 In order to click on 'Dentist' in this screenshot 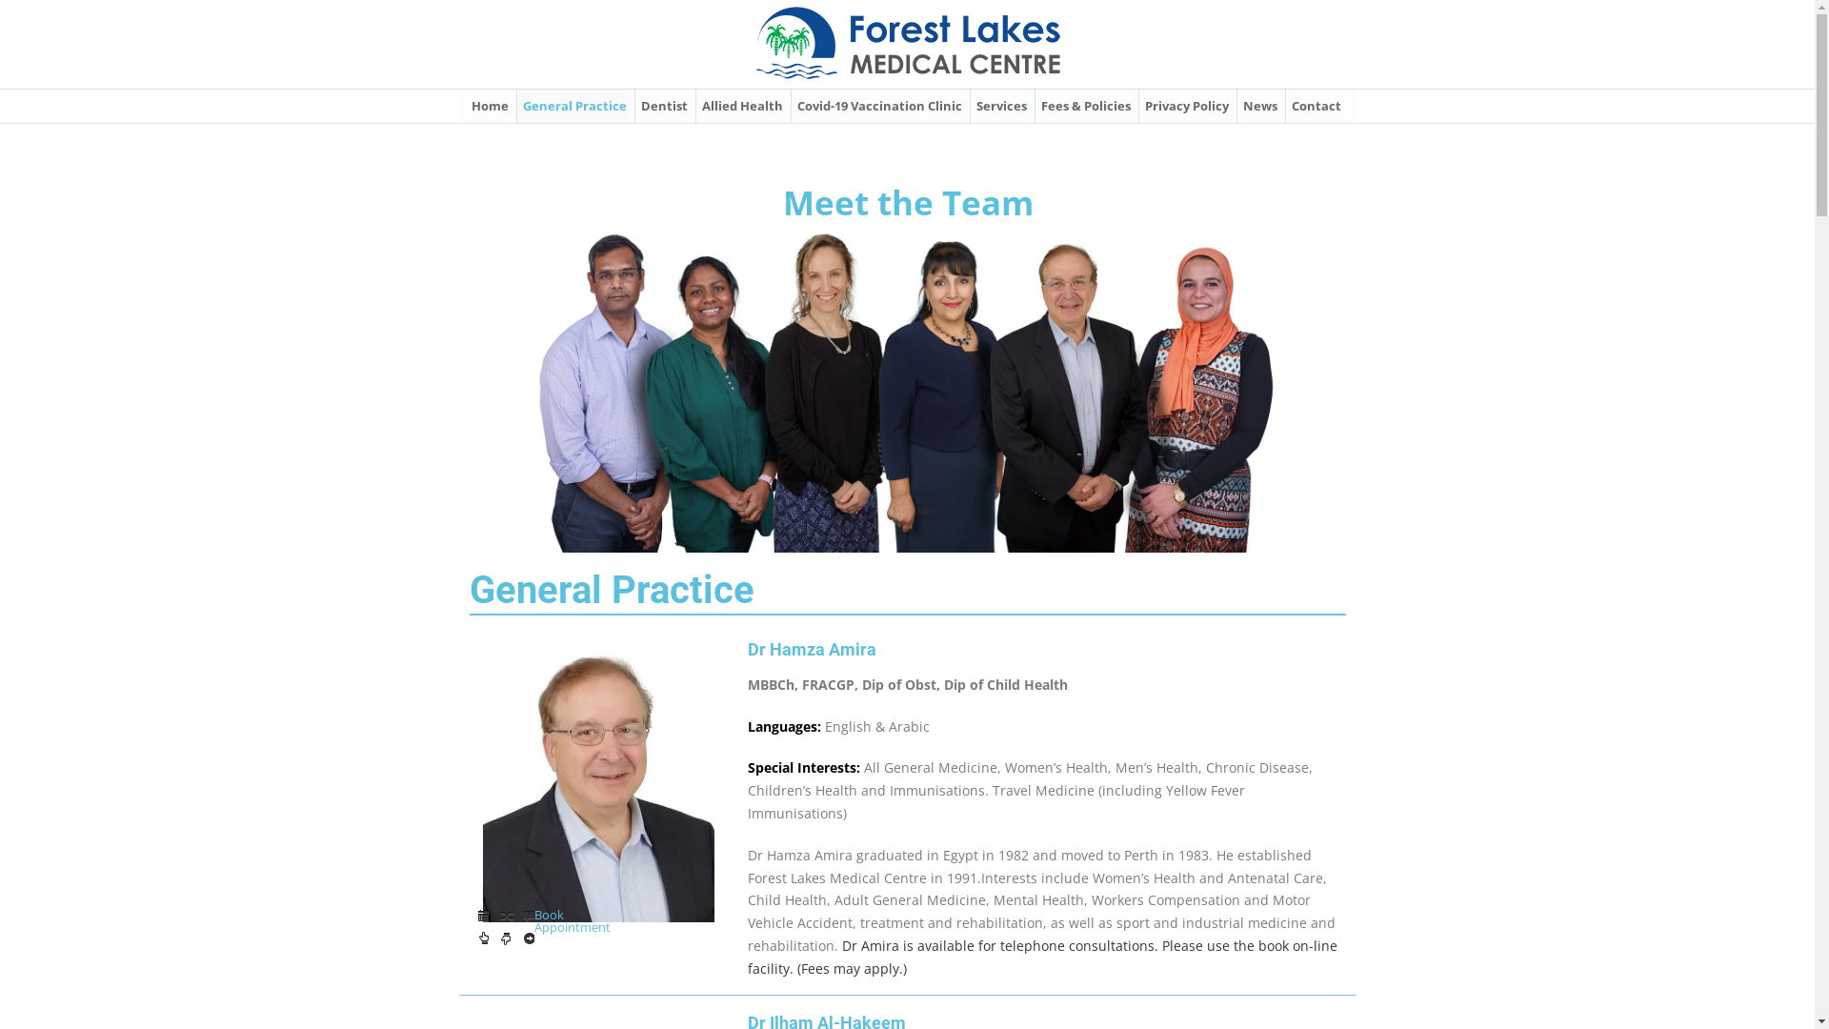, I will do `click(663, 106)`.